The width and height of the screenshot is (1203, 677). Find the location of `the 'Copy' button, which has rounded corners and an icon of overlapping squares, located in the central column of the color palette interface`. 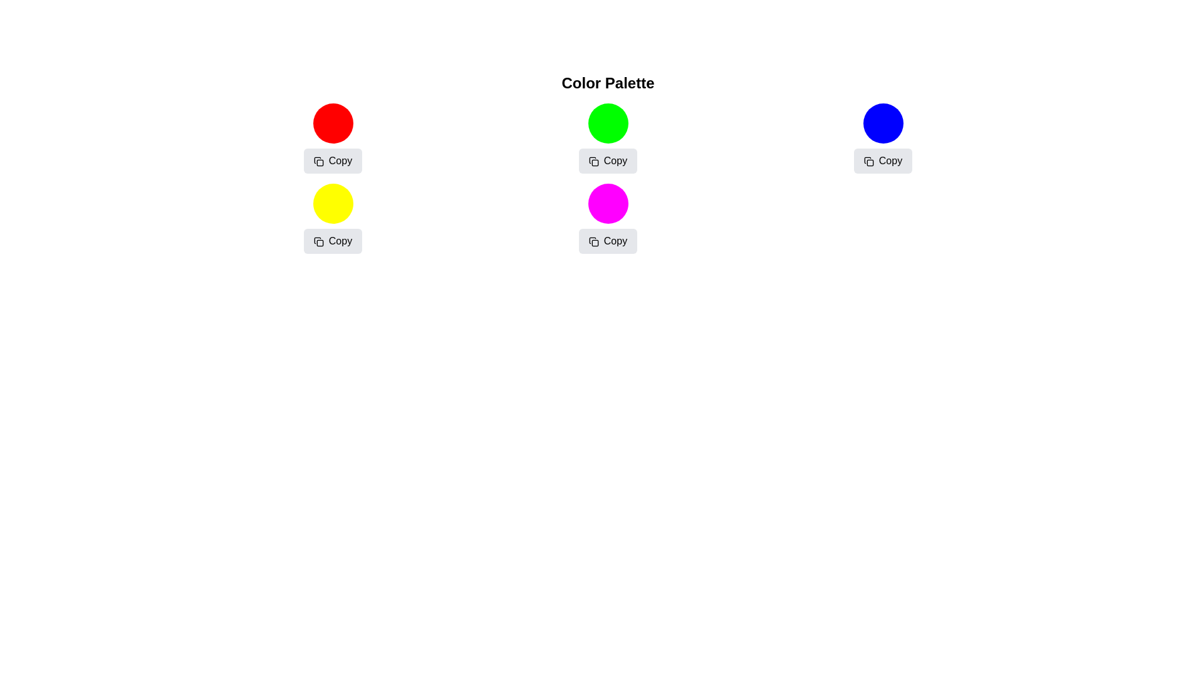

the 'Copy' button, which has rounded corners and an icon of overlapping squares, located in the central column of the color palette interface is located at coordinates (608, 160).